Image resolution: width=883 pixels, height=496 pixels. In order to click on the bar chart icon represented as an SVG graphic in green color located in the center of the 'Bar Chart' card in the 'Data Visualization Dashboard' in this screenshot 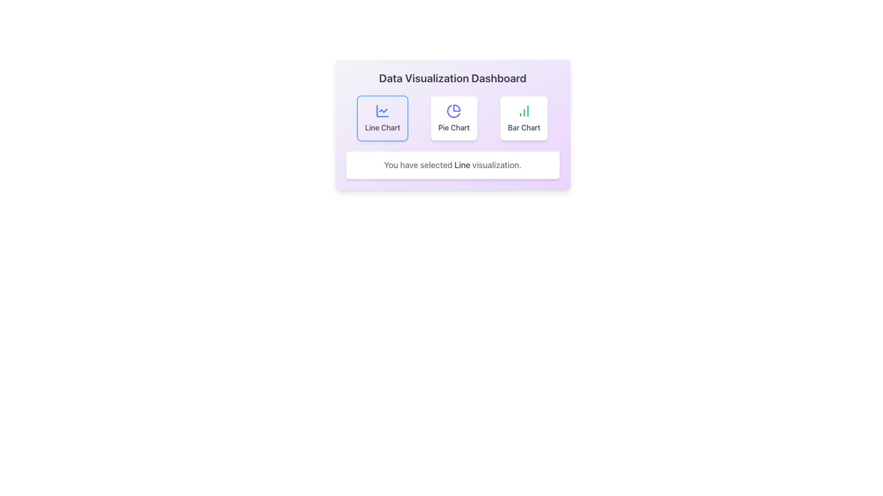, I will do `click(524, 111)`.